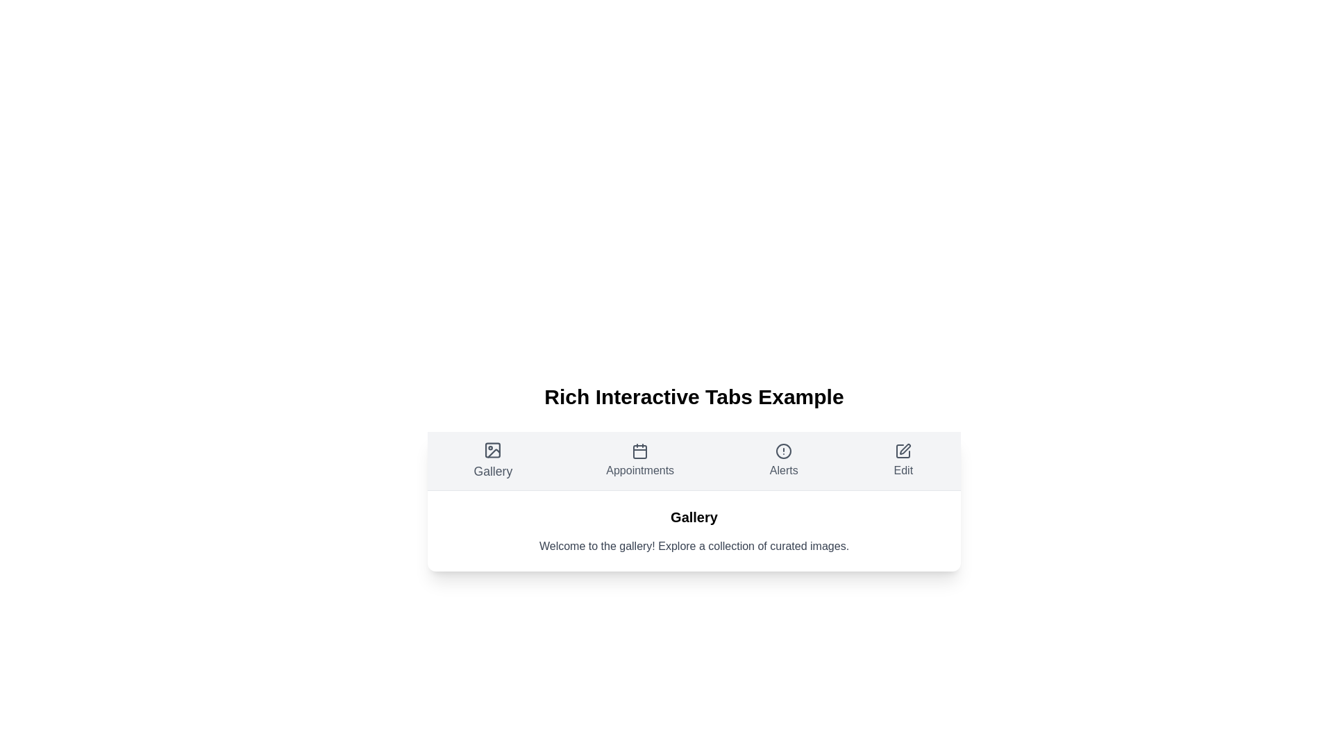  Describe the element at coordinates (783, 460) in the screenshot. I see `the tab labeled Alerts` at that location.